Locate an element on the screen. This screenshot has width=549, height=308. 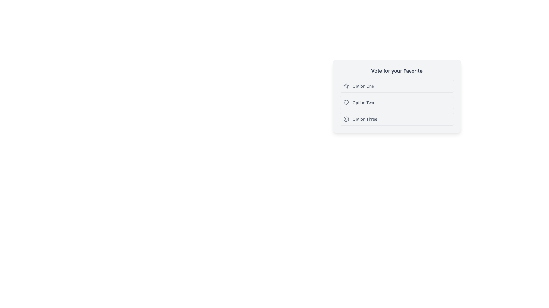
the heart icon, which signifies a selection for 'Option Two', located to the left of the associated text in the 'Vote for your Favorite' list is located at coordinates (346, 102).